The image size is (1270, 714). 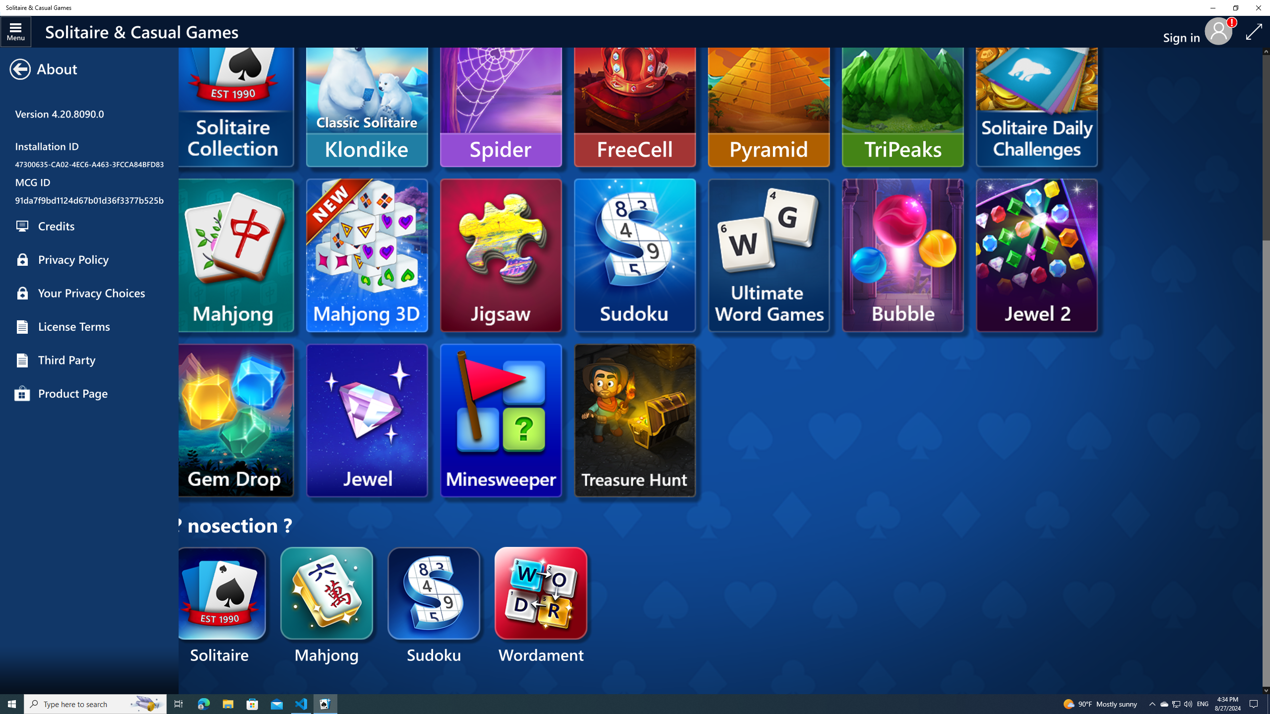 I want to click on 'Minimize Solitaire & Casual Games', so click(x=1212, y=7).